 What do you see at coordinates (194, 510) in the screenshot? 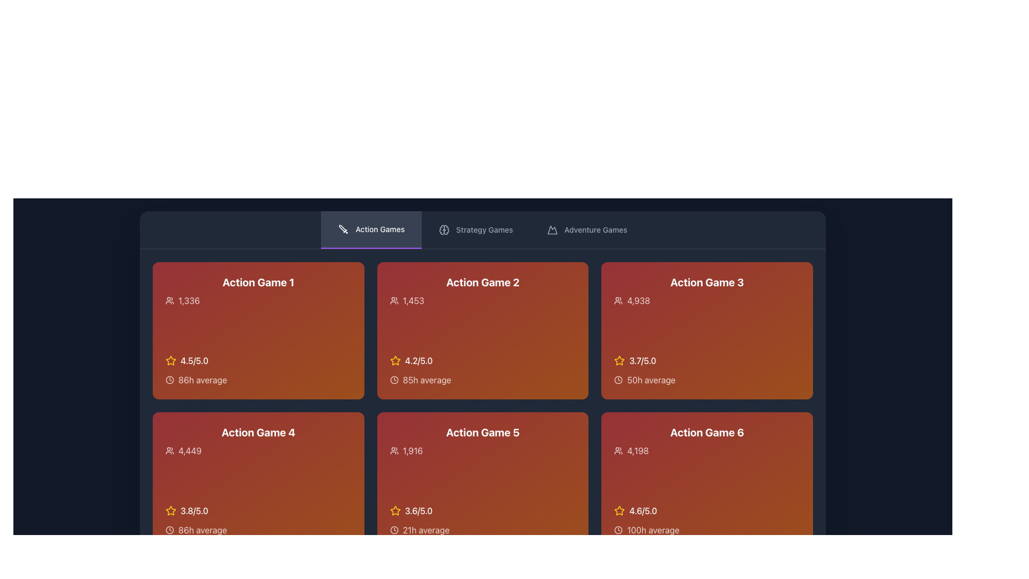
I see `the rating score label displaying '3.8/5.0' in white color against a red background, located under the 'Action Game 4' card` at bounding box center [194, 510].